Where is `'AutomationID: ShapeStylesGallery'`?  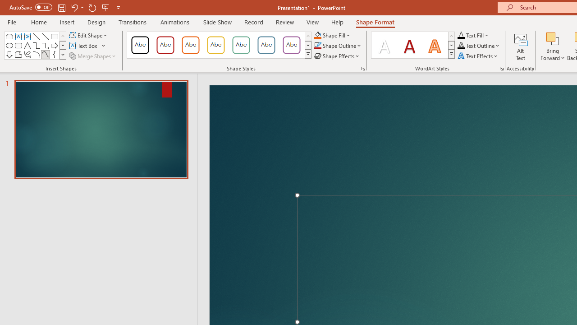
'AutomationID: ShapeStylesGallery' is located at coordinates (220, 45).